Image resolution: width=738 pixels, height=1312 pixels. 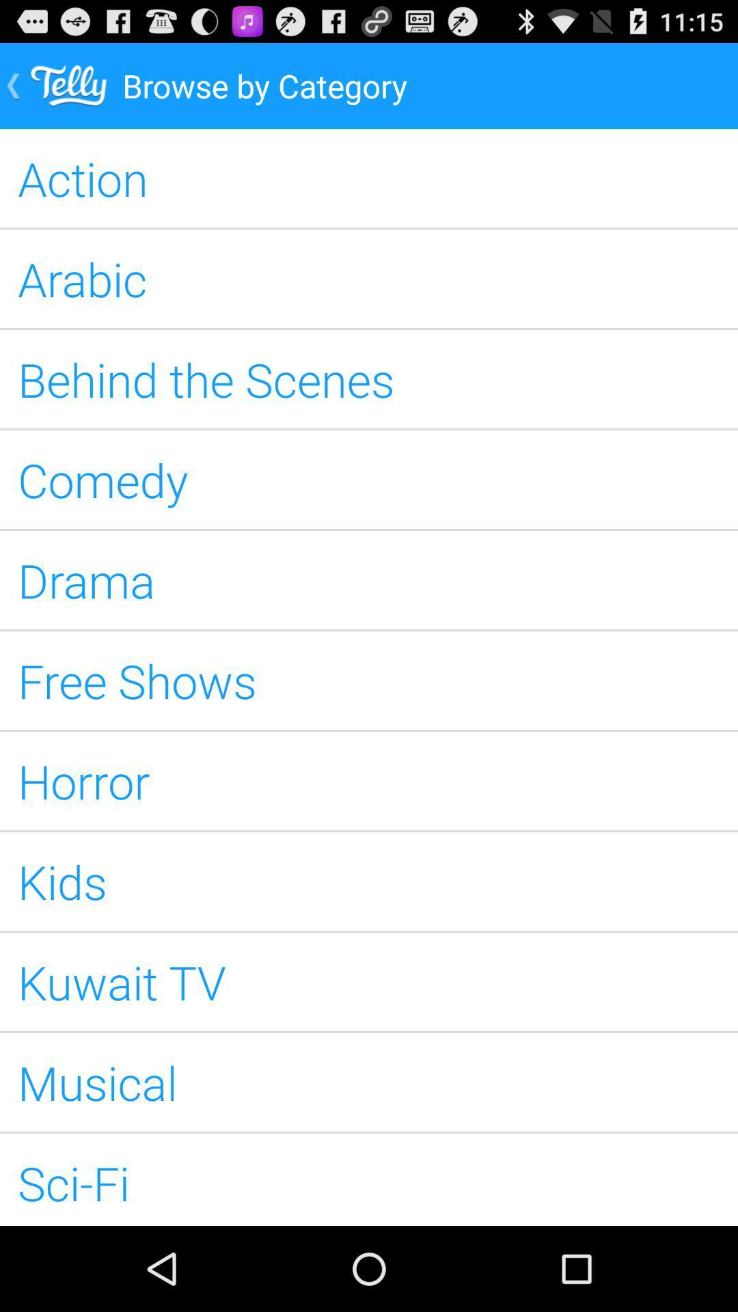 I want to click on icon above the arabic item, so click(x=369, y=177).